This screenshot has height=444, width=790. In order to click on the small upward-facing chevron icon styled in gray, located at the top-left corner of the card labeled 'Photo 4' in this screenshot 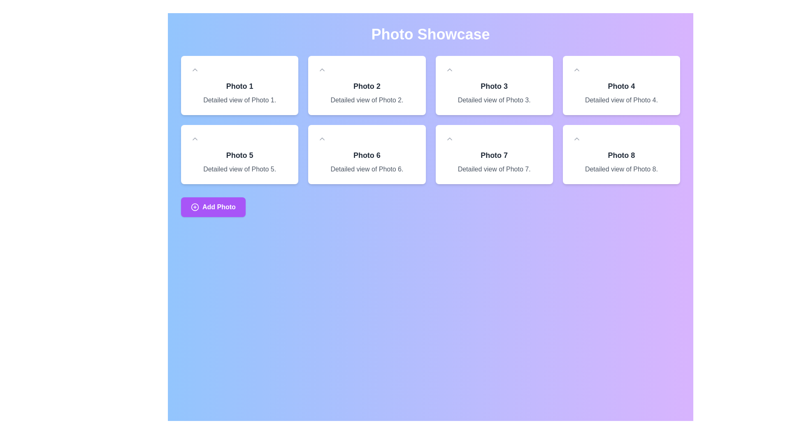, I will do `click(576, 69)`.